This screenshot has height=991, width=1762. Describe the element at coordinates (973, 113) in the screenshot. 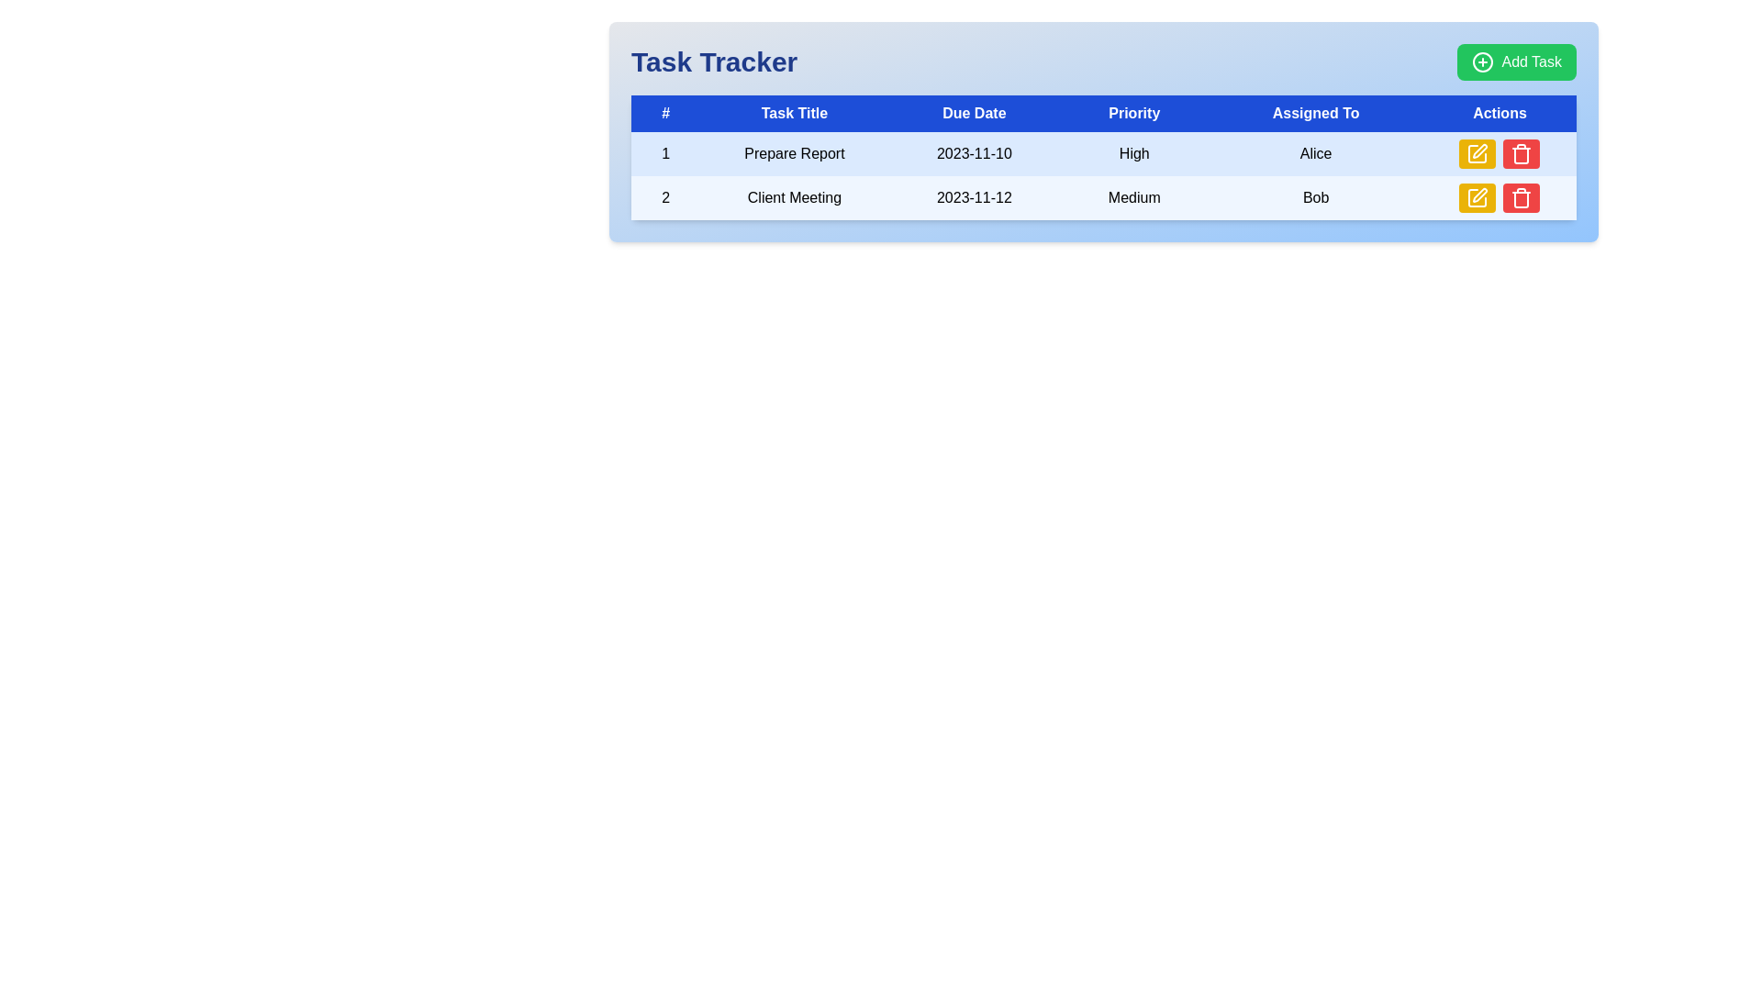

I see `the 'Due Date' text label, which is displayed in white font on a blue background, located in the third column of the table header` at that location.